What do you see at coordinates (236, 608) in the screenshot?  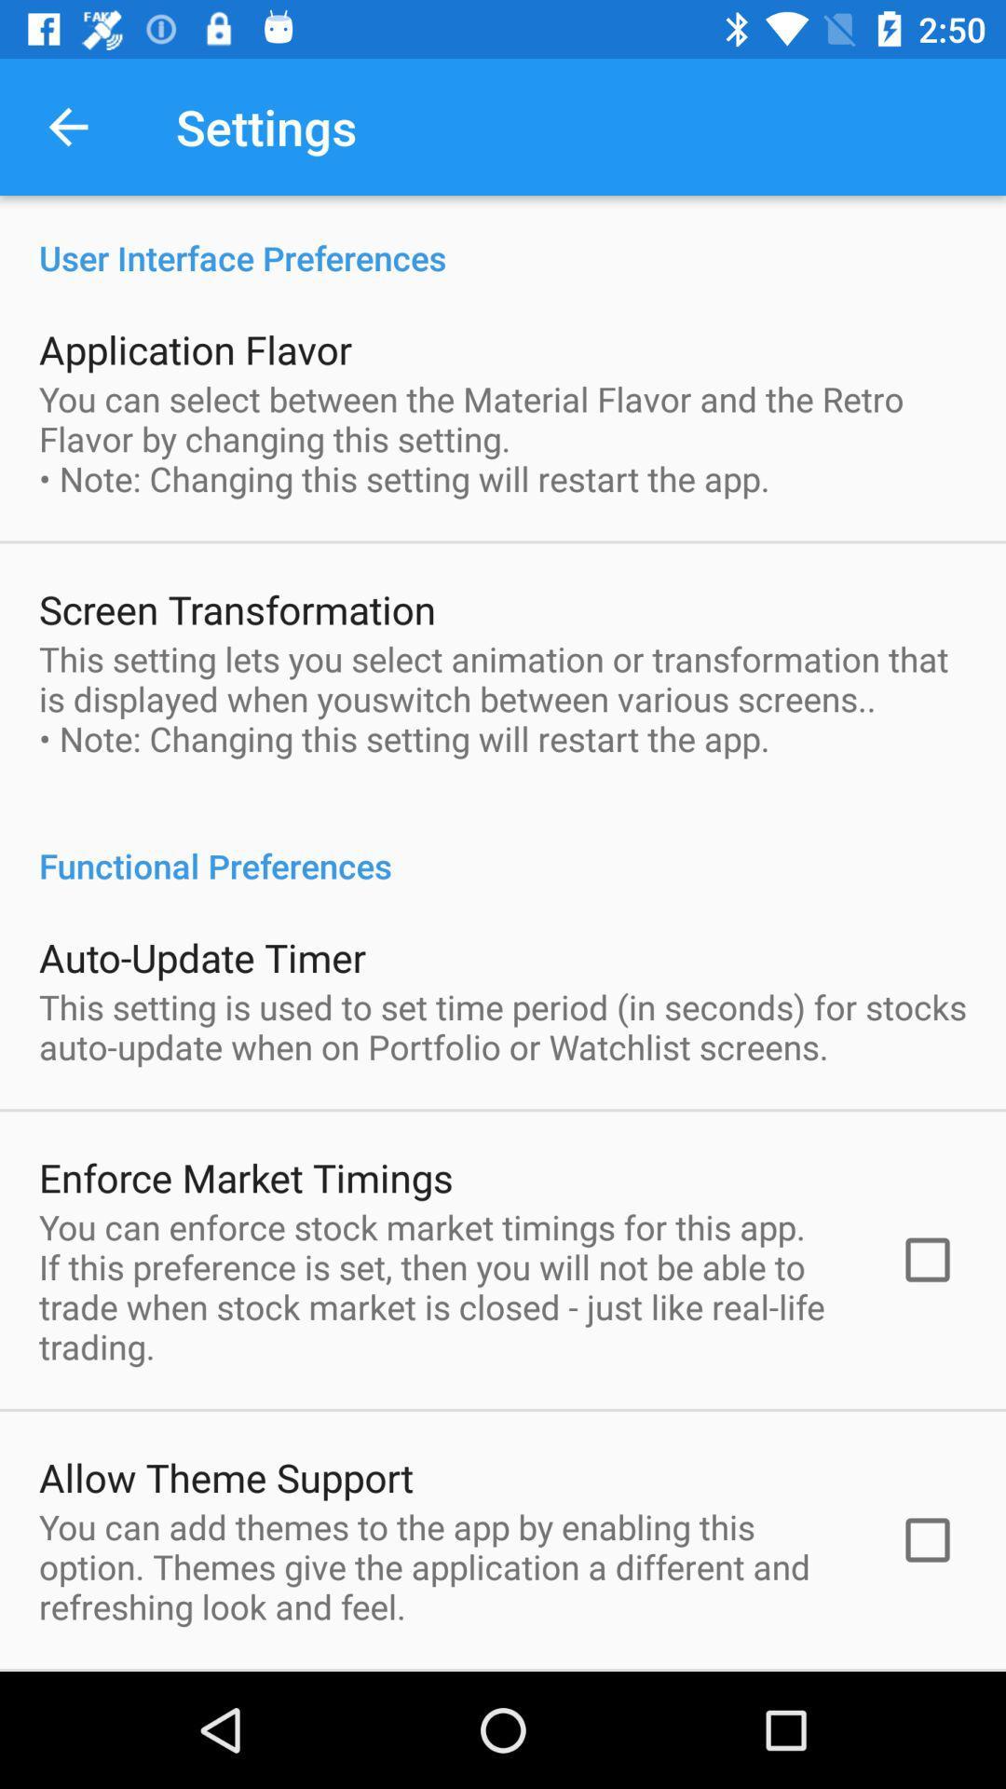 I see `the screen transformation item` at bounding box center [236, 608].